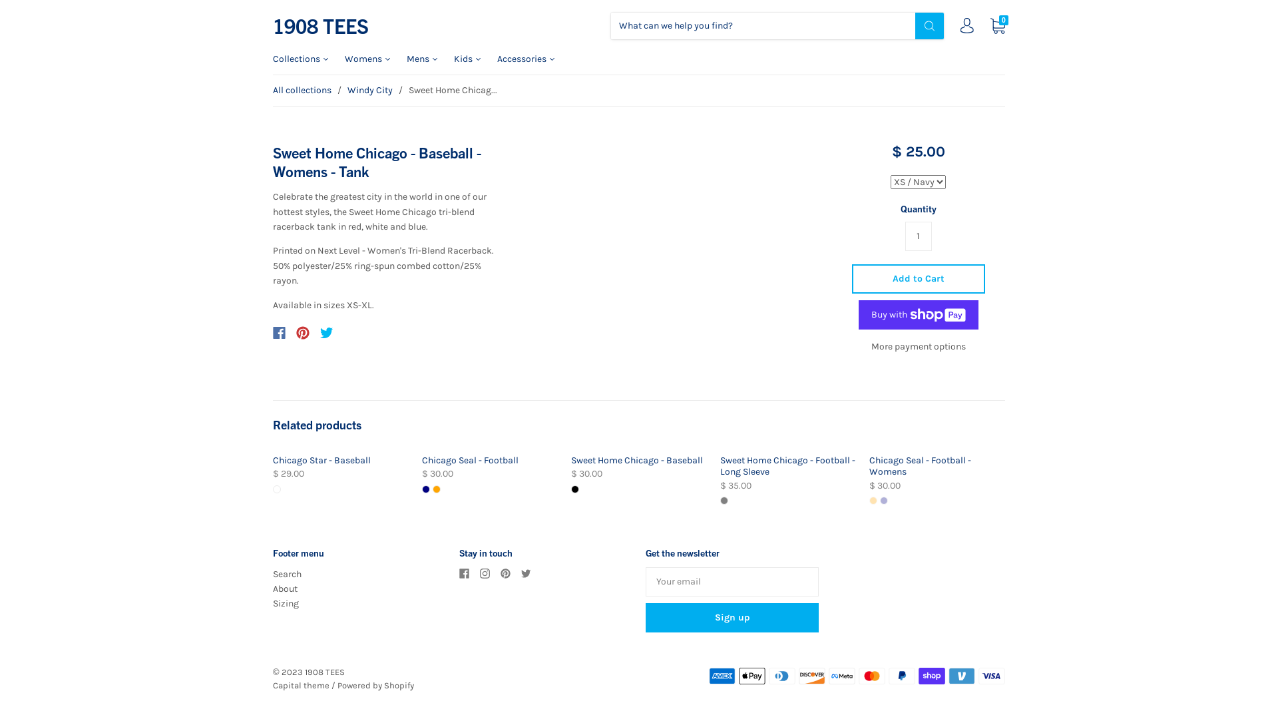 Image resolution: width=1278 pixels, height=719 pixels. I want to click on 'Powered by Shopify', so click(375, 685).